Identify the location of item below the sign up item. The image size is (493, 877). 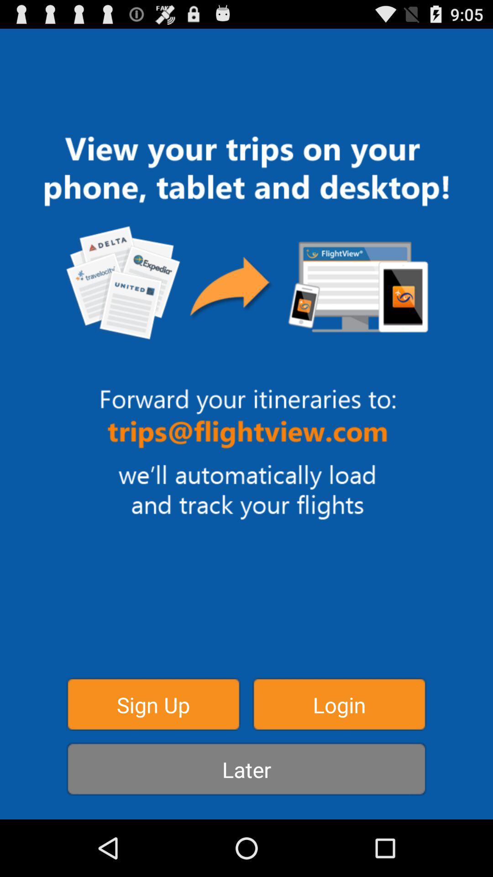
(246, 768).